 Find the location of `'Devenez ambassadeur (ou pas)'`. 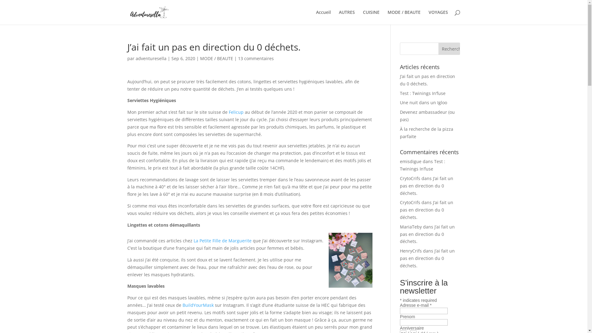

'Devenez ambassadeur (ou pas)' is located at coordinates (427, 116).